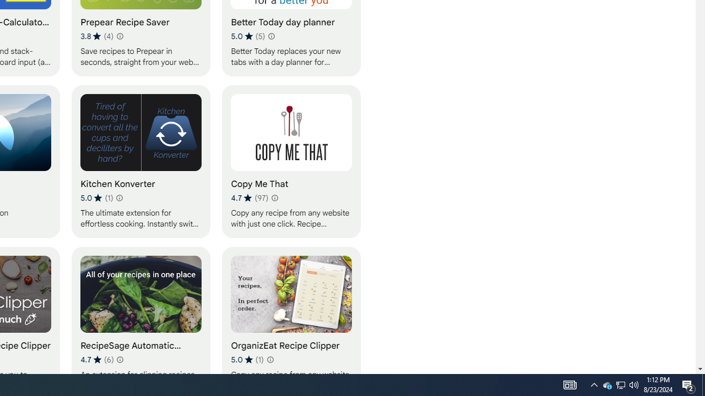  I want to click on 'Learn more about results and reviews "Copy Me That"', so click(274, 198).